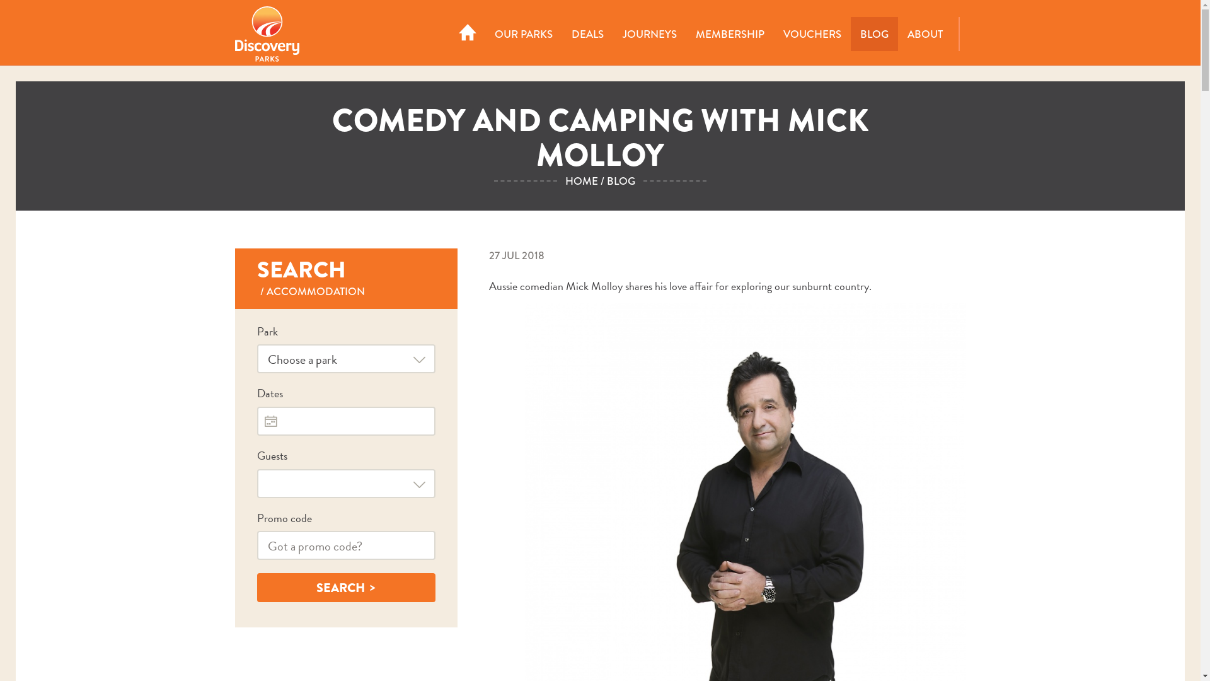 This screenshot has height=681, width=1210. What do you see at coordinates (729, 33) in the screenshot?
I see `'MEMBERSHIP'` at bounding box center [729, 33].